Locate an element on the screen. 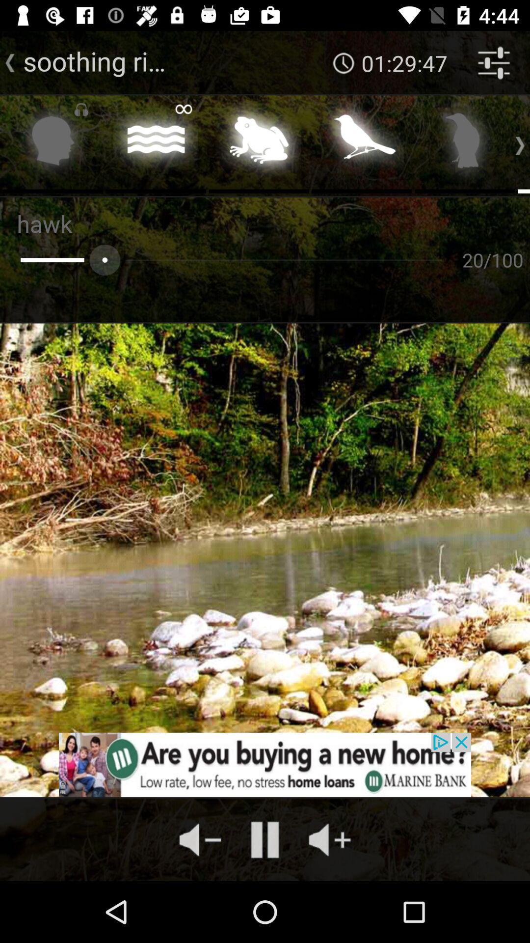  the menu icon is located at coordinates (155, 143).